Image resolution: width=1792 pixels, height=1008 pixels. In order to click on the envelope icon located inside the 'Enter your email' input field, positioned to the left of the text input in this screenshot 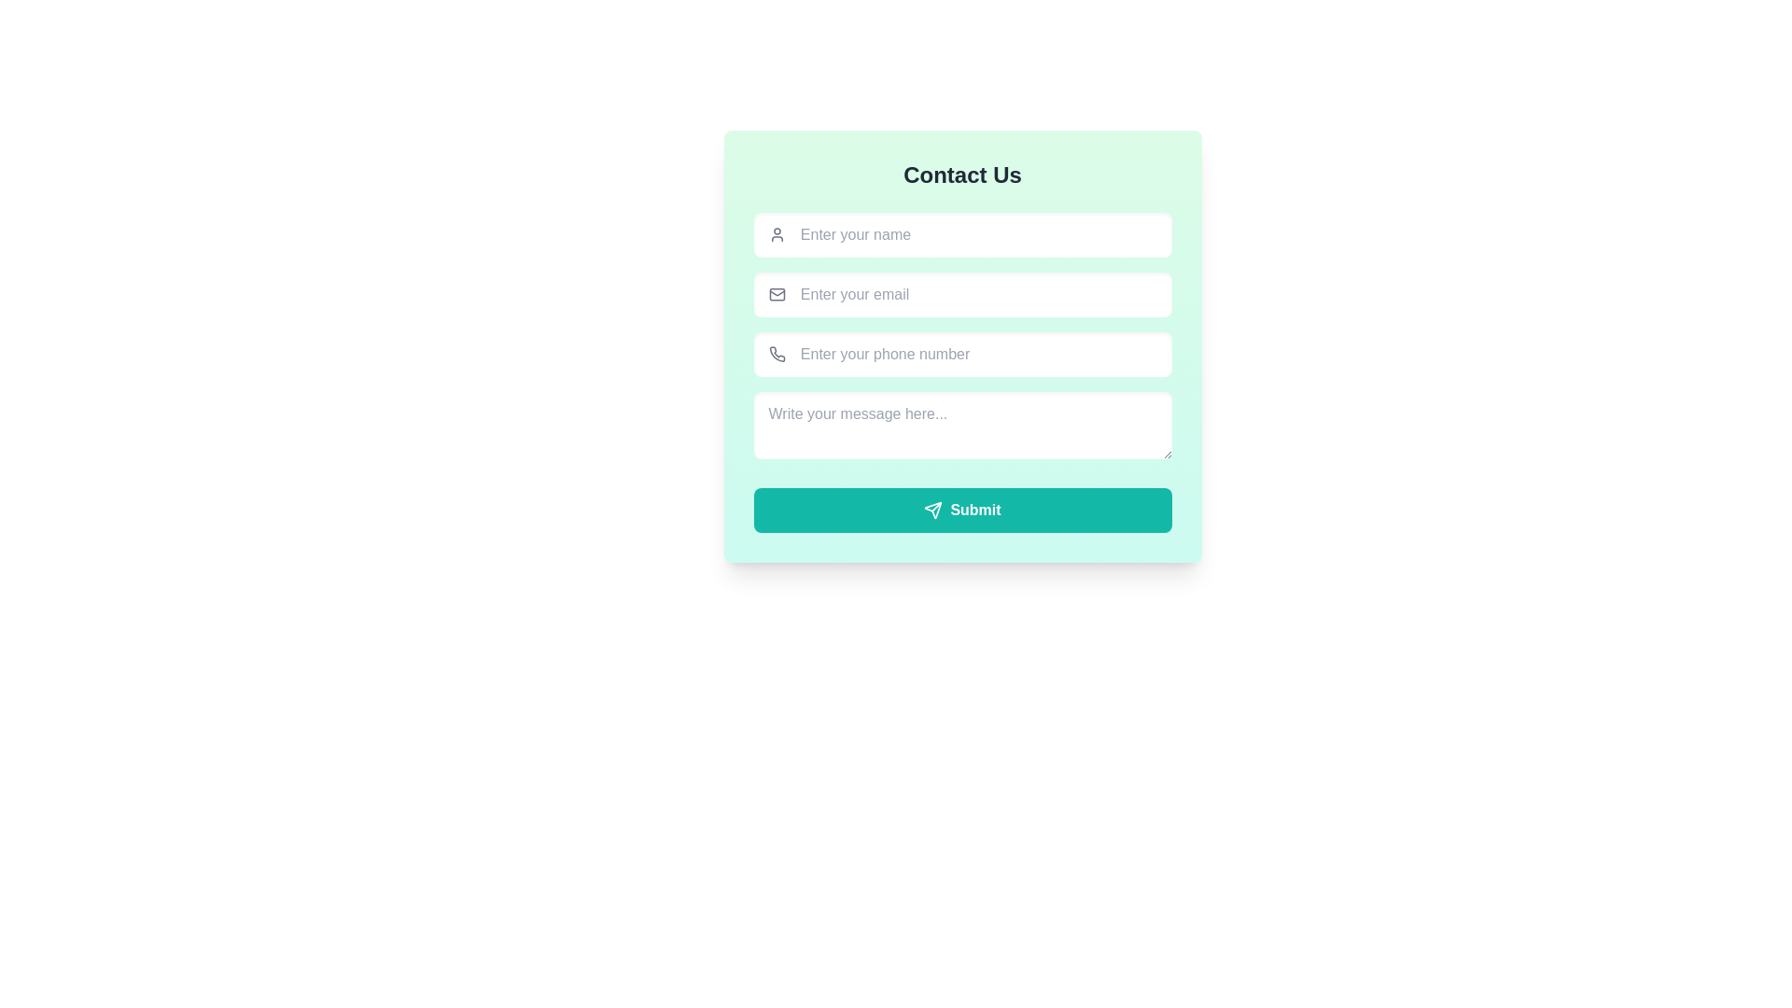, I will do `click(777, 294)`.